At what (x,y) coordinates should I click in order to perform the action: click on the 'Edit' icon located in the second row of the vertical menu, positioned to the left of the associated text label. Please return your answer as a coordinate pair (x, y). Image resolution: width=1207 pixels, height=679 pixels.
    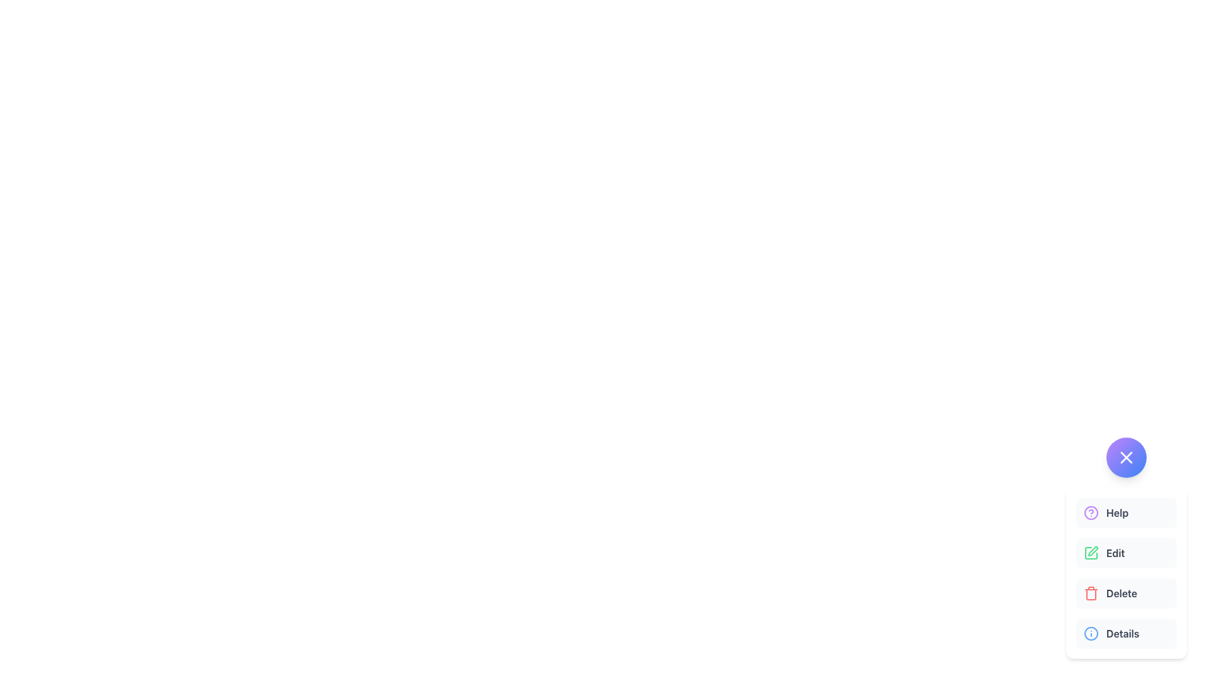
    Looking at the image, I should click on (1091, 552).